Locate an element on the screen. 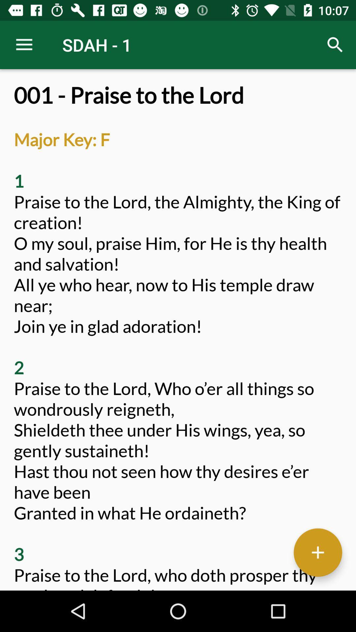 This screenshot has width=356, height=632. the icon to the right of the sdah - 1 is located at coordinates (335, 44).